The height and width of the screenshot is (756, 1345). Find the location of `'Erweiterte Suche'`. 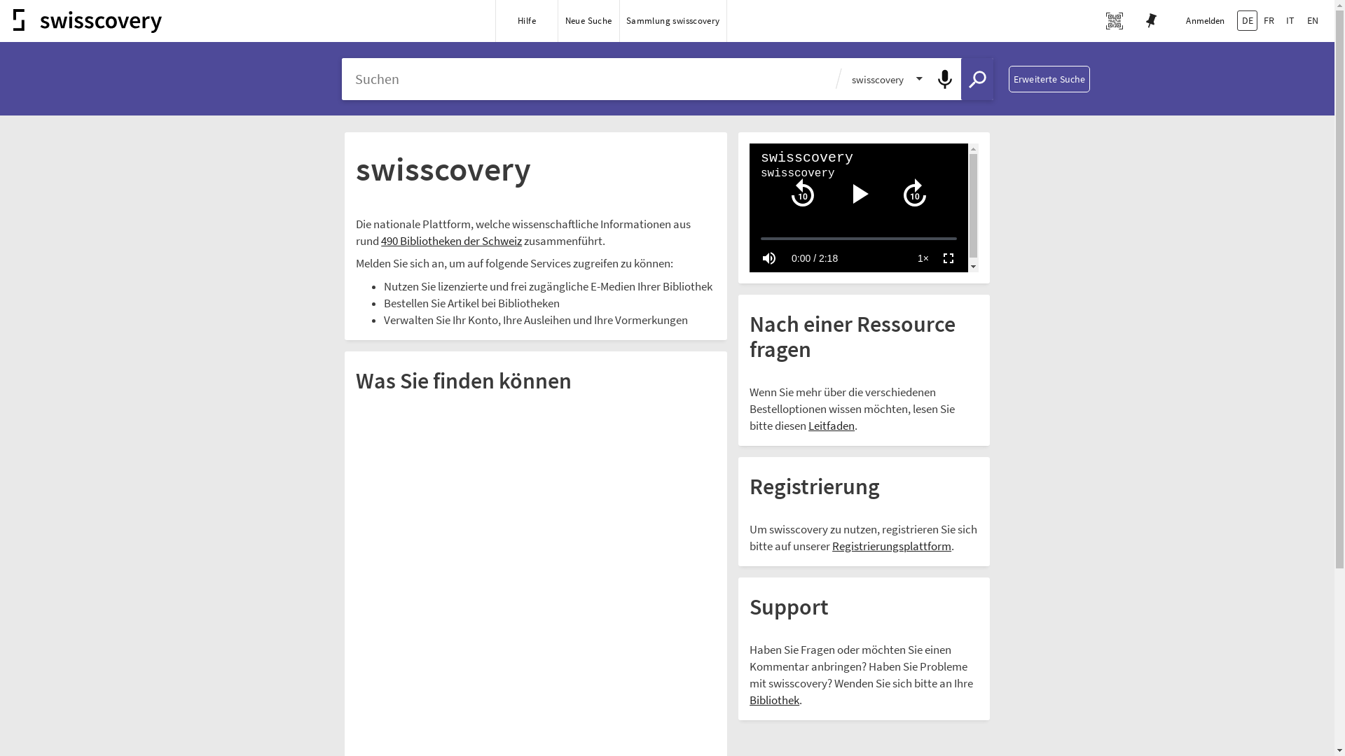

'Erweiterte Suche' is located at coordinates (1049, 78).